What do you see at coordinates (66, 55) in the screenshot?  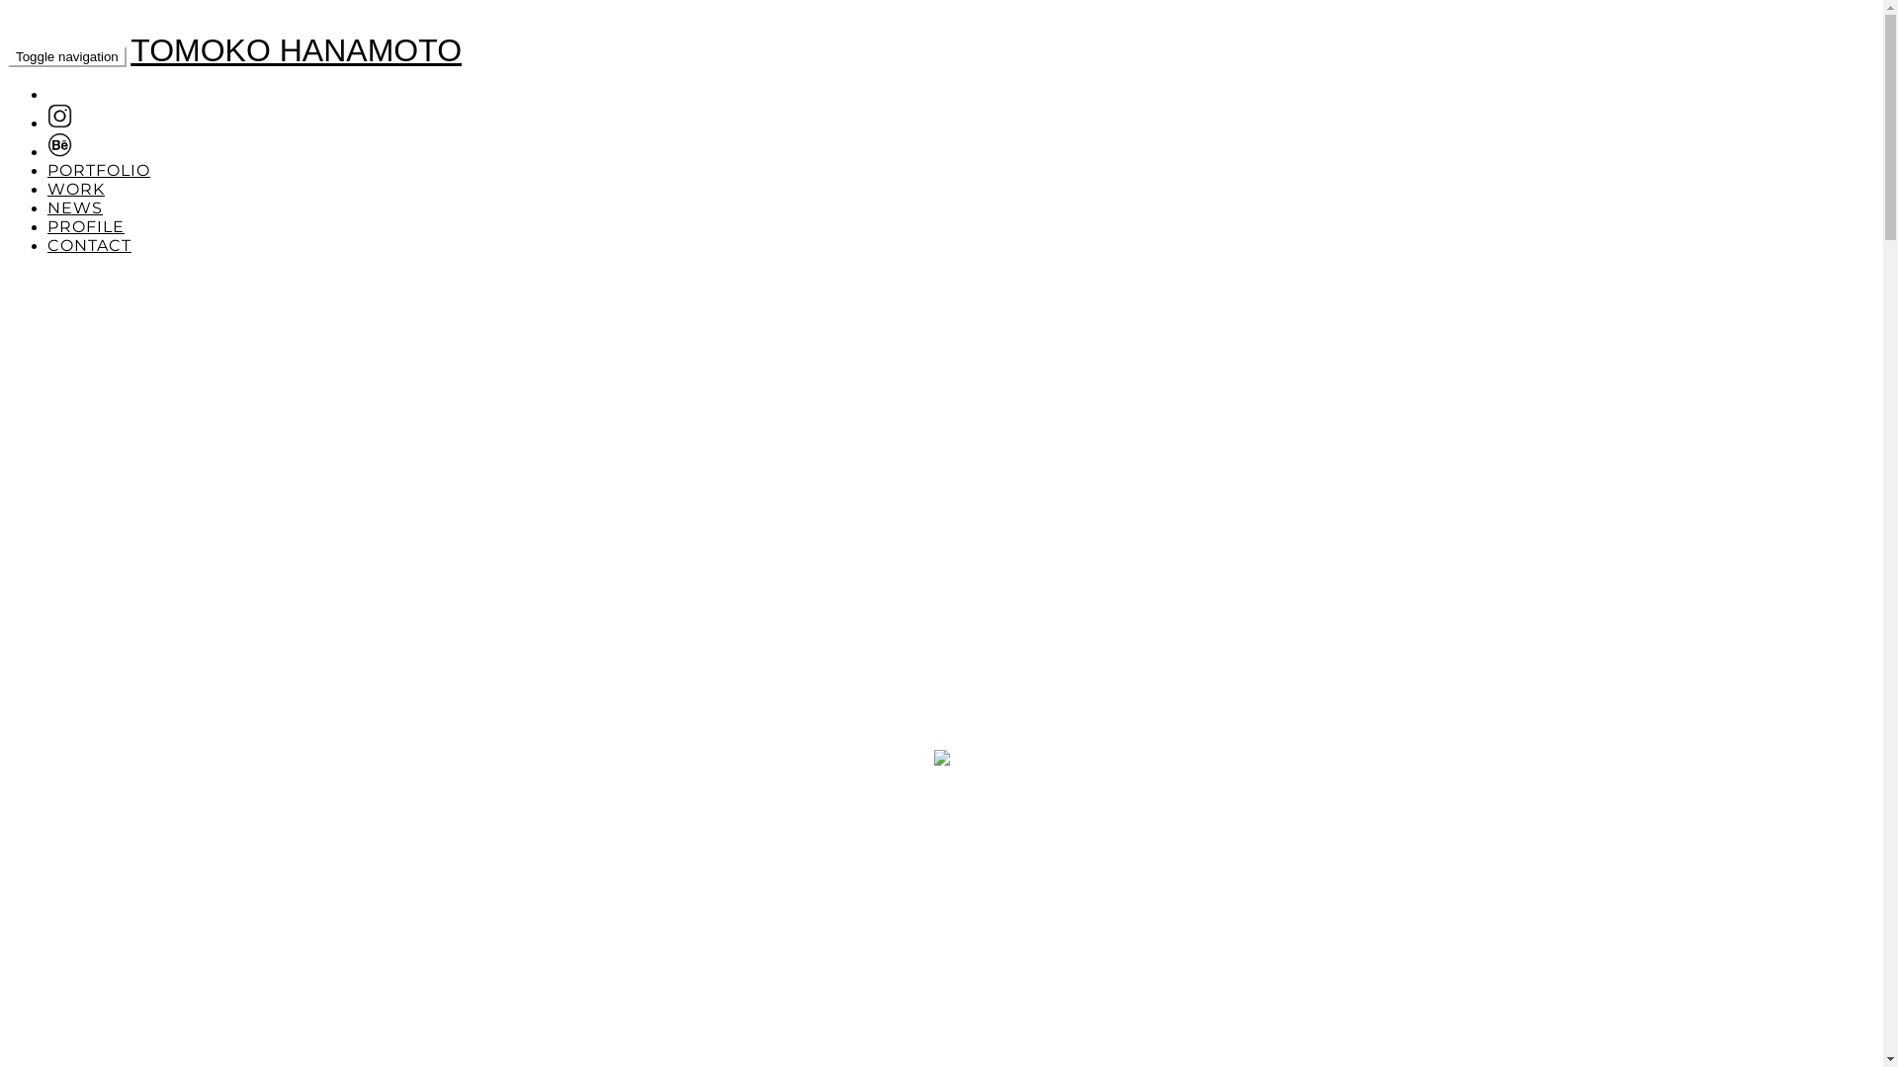 I see `'Toggle navigation'` at bounding box center [66, 55].